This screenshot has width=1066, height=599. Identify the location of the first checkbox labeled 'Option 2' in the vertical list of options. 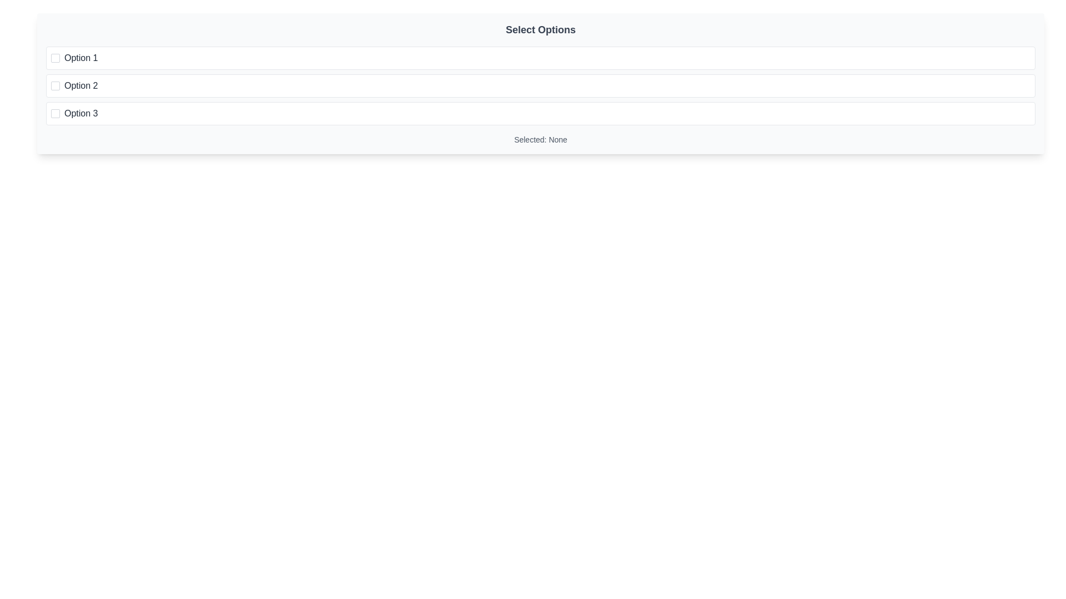
(55, 85).